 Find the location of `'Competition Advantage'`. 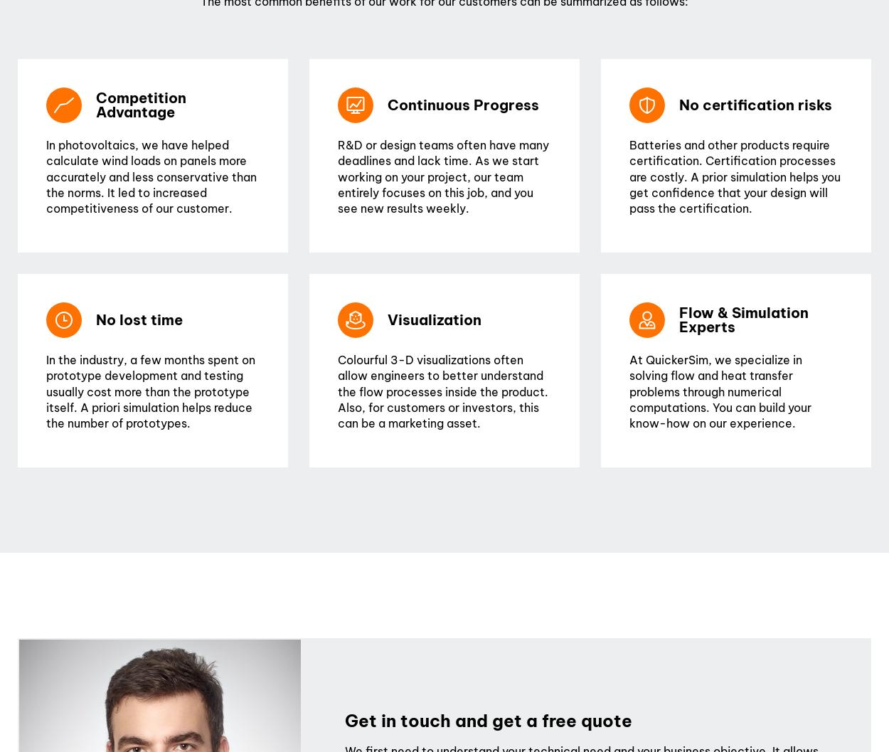

'Competition Advantage' is located at coordinates (140, 103).